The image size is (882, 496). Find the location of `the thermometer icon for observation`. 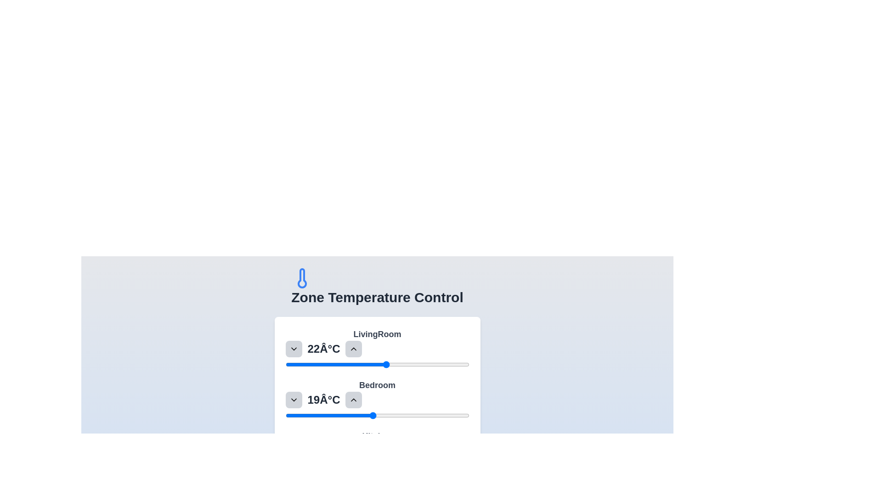

the thermometer icon for observation is located at coordinates (302, 277).